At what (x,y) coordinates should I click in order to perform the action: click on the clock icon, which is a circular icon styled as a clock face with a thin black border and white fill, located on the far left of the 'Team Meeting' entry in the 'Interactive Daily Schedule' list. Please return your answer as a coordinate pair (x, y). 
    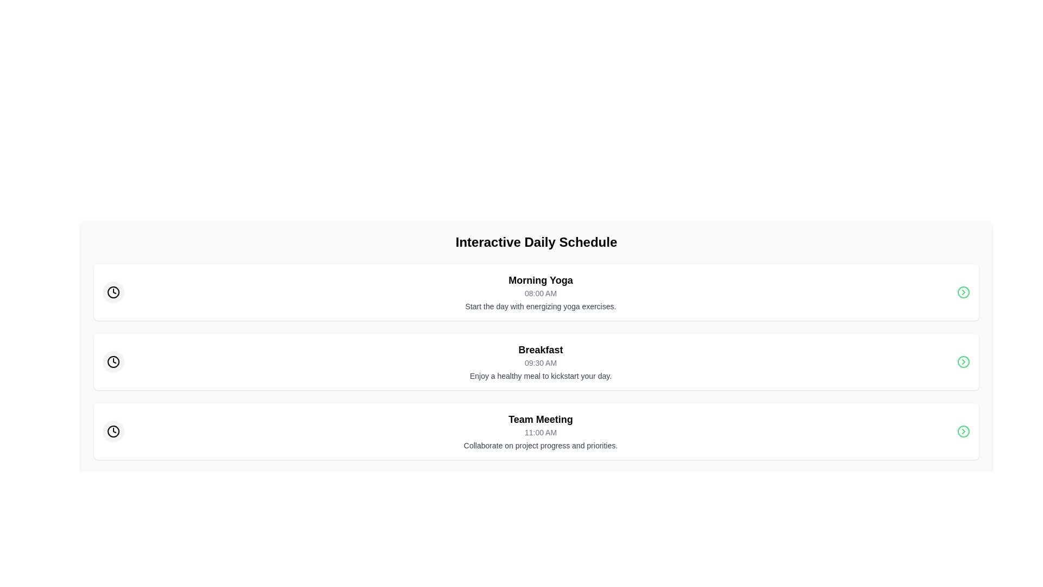
    Looking at the image, I should click on (114, 431).